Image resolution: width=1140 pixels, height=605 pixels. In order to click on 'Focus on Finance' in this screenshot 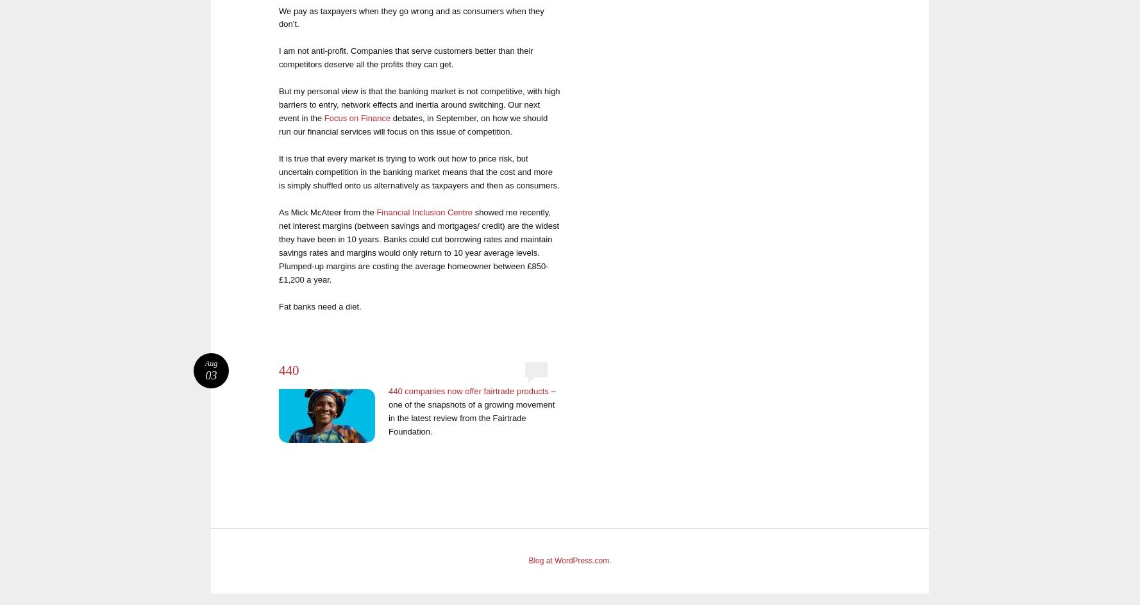, I will do `click(358, 117)`.